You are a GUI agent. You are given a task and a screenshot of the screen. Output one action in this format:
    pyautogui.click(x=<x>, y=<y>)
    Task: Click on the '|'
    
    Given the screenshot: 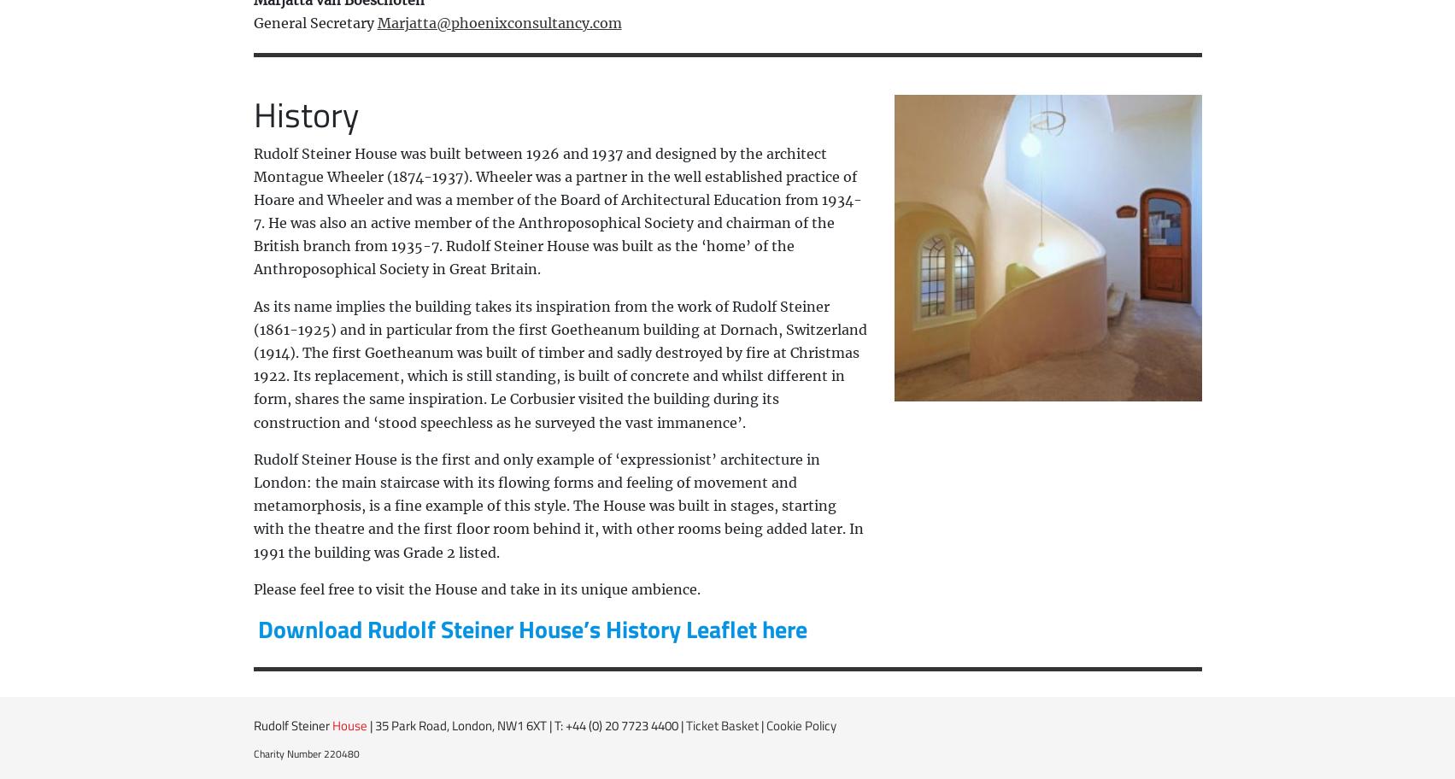 What is the action you would take?
    pyautogui.click(x=760, y=725)
    